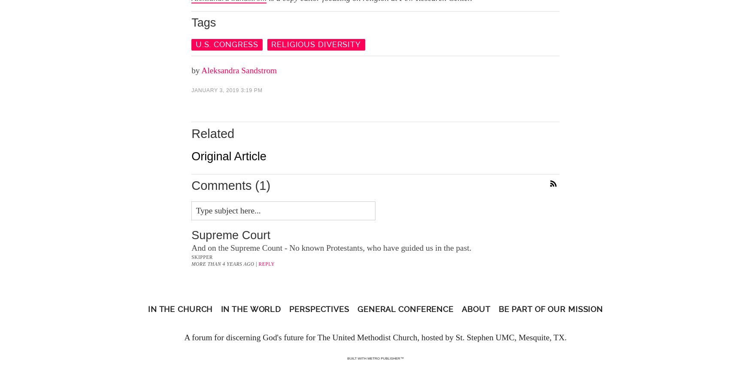 The image size is (751, 387). Describe the element at coordinates (203, 22) in the screenshot. I see `'Tags'` at that location.